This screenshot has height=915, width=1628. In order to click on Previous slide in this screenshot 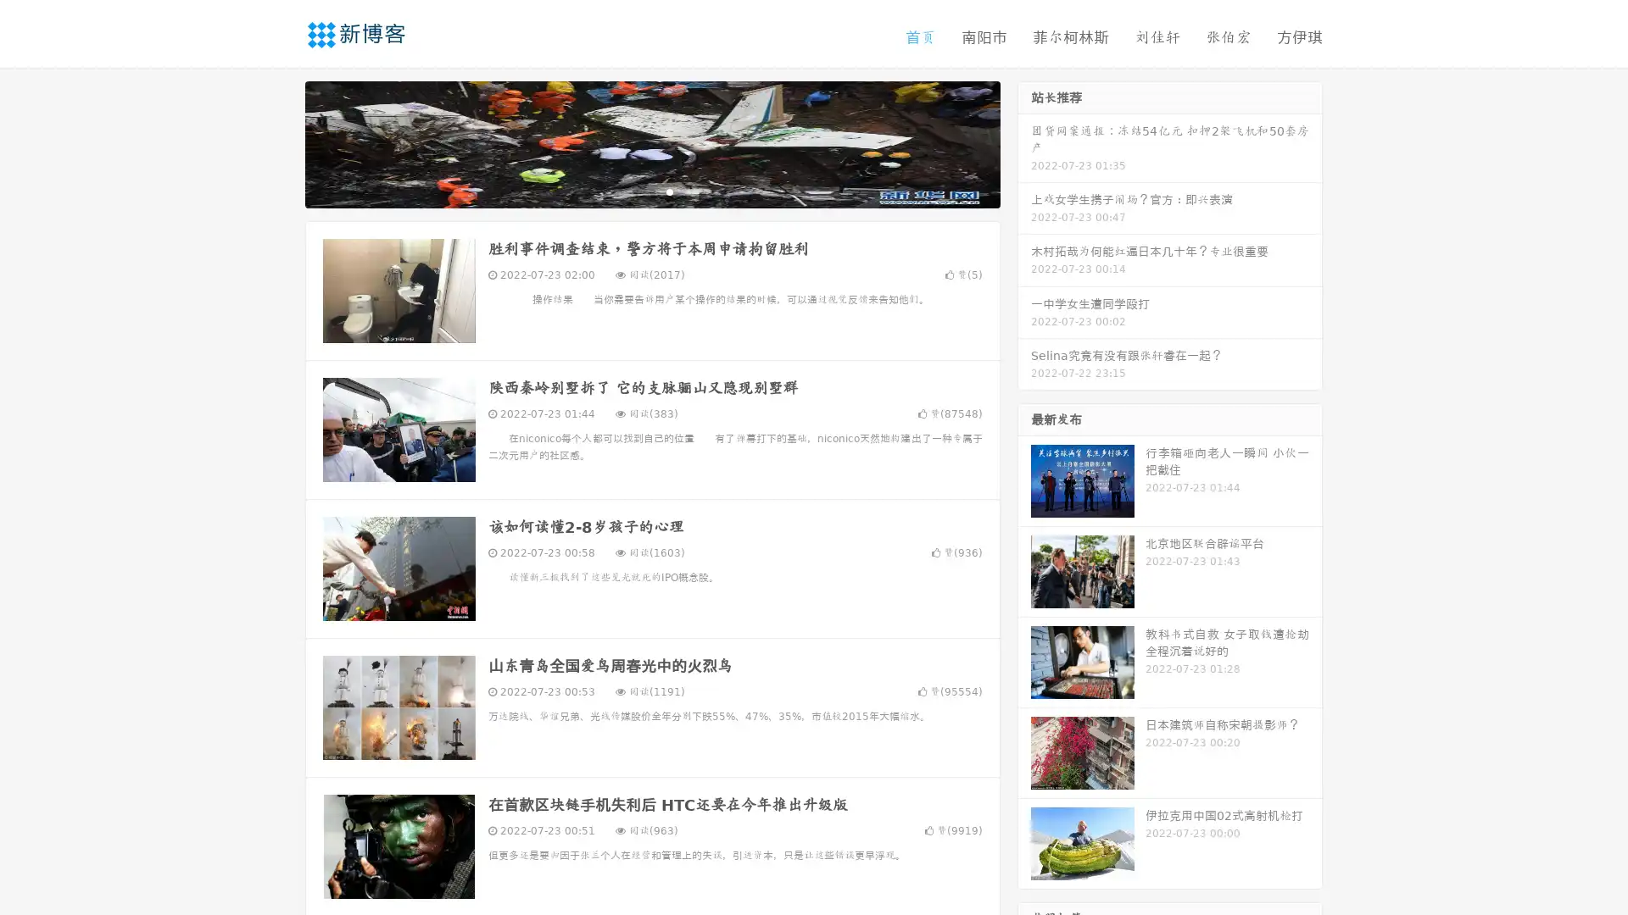, I will do `click(280, 142)`.